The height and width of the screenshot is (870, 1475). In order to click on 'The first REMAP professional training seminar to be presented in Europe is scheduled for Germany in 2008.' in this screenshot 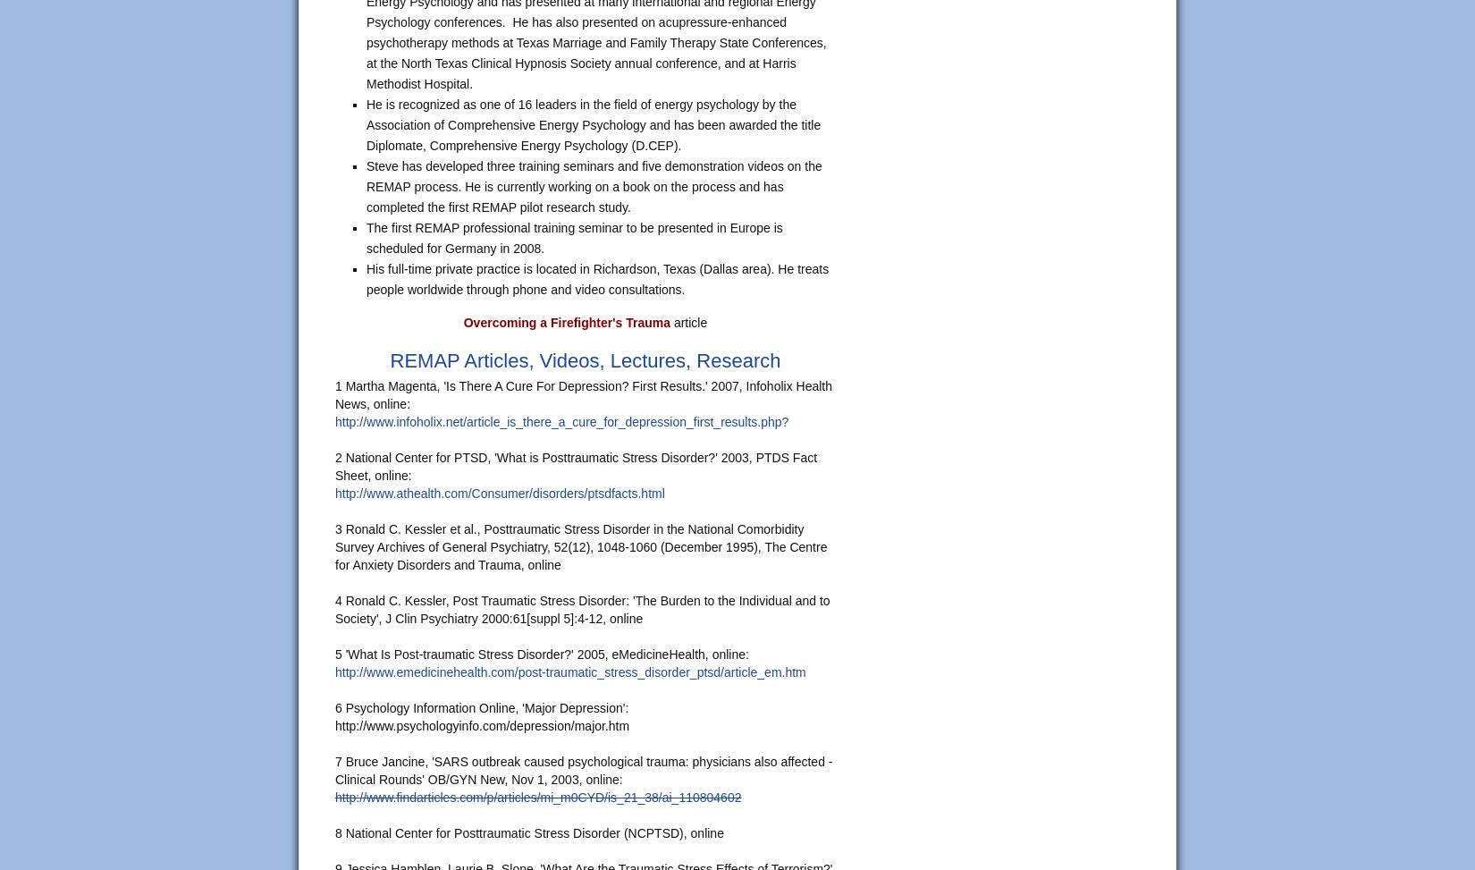, I will do `click(573, 237)`.